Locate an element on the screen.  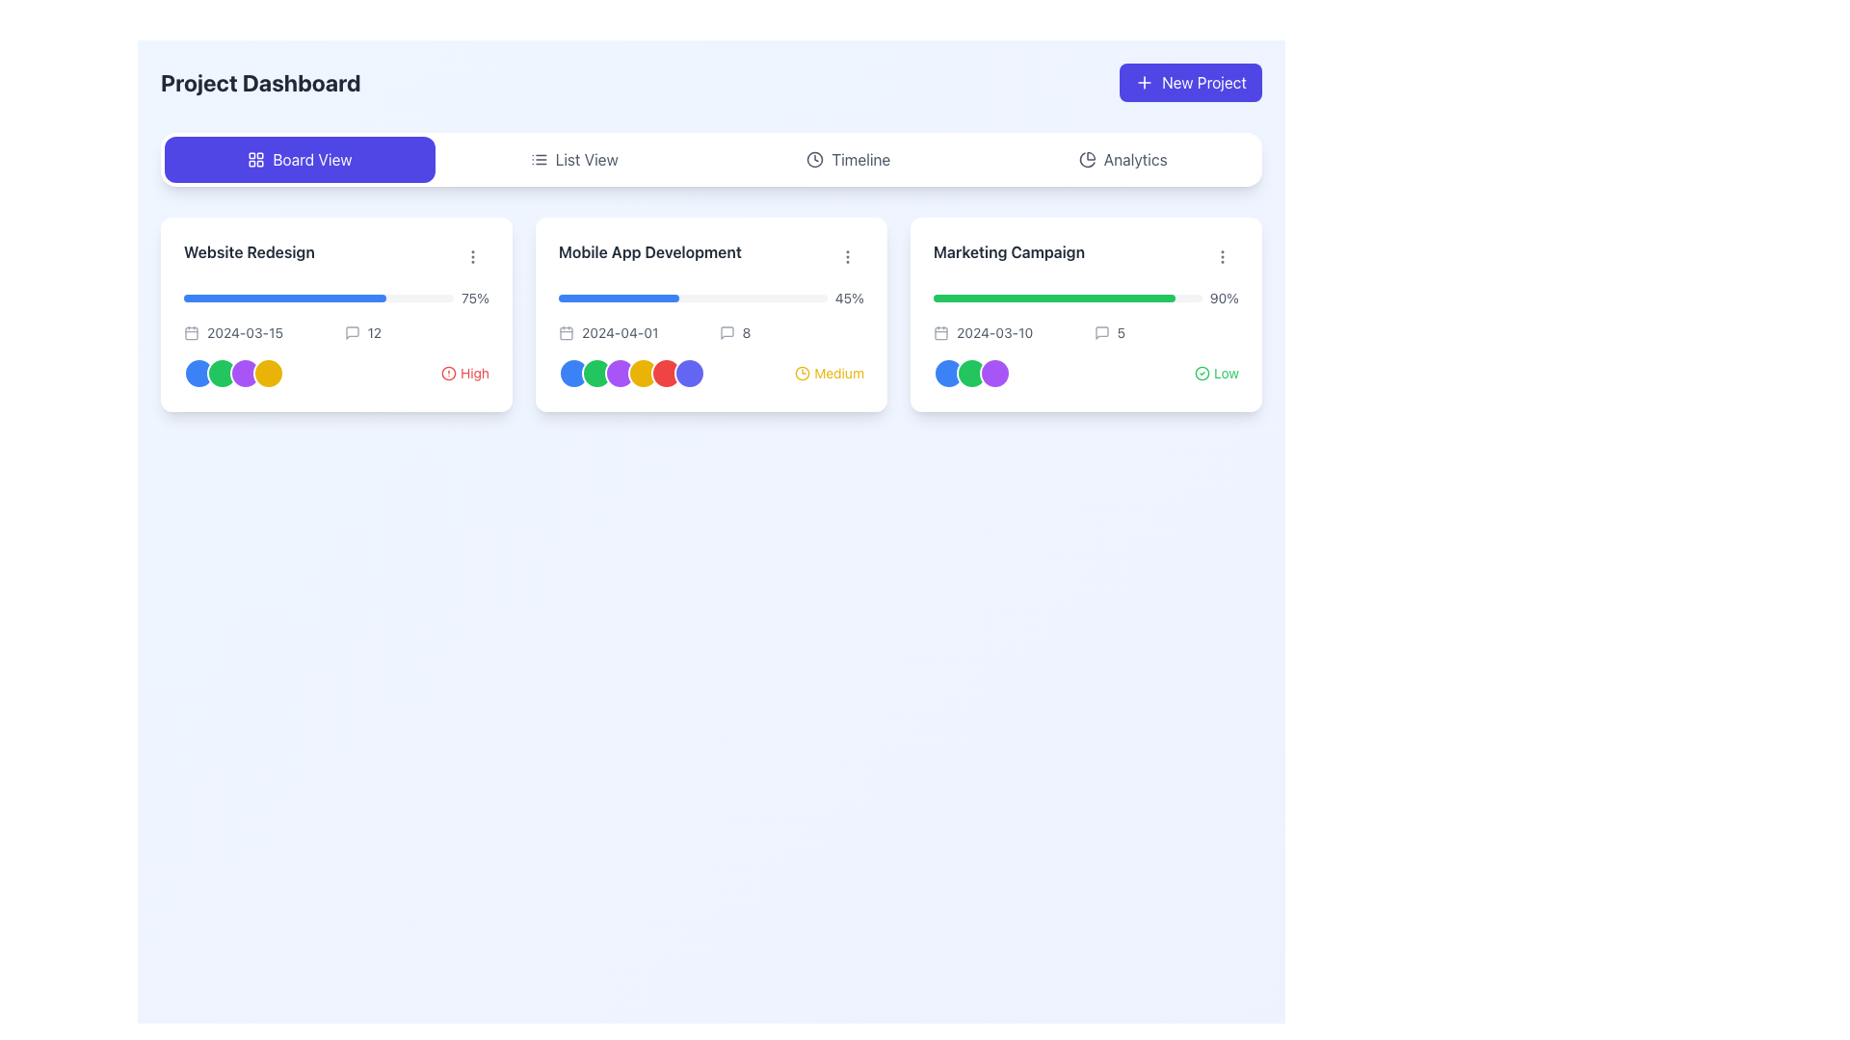
the progress bar indicating completion with a percentage label '45%' next to it, located within the 'Mobile App Development' card is located at coordinates (710, 298).